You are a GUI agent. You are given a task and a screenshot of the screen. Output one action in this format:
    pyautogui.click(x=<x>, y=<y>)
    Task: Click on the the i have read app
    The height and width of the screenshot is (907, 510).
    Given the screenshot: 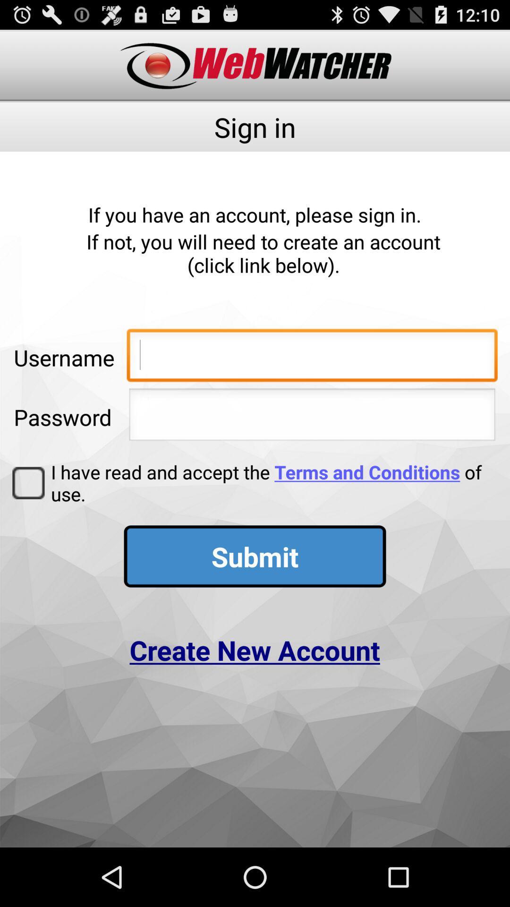 What is the action you would take?
    pyautogui.click(x=271, y=483)
    